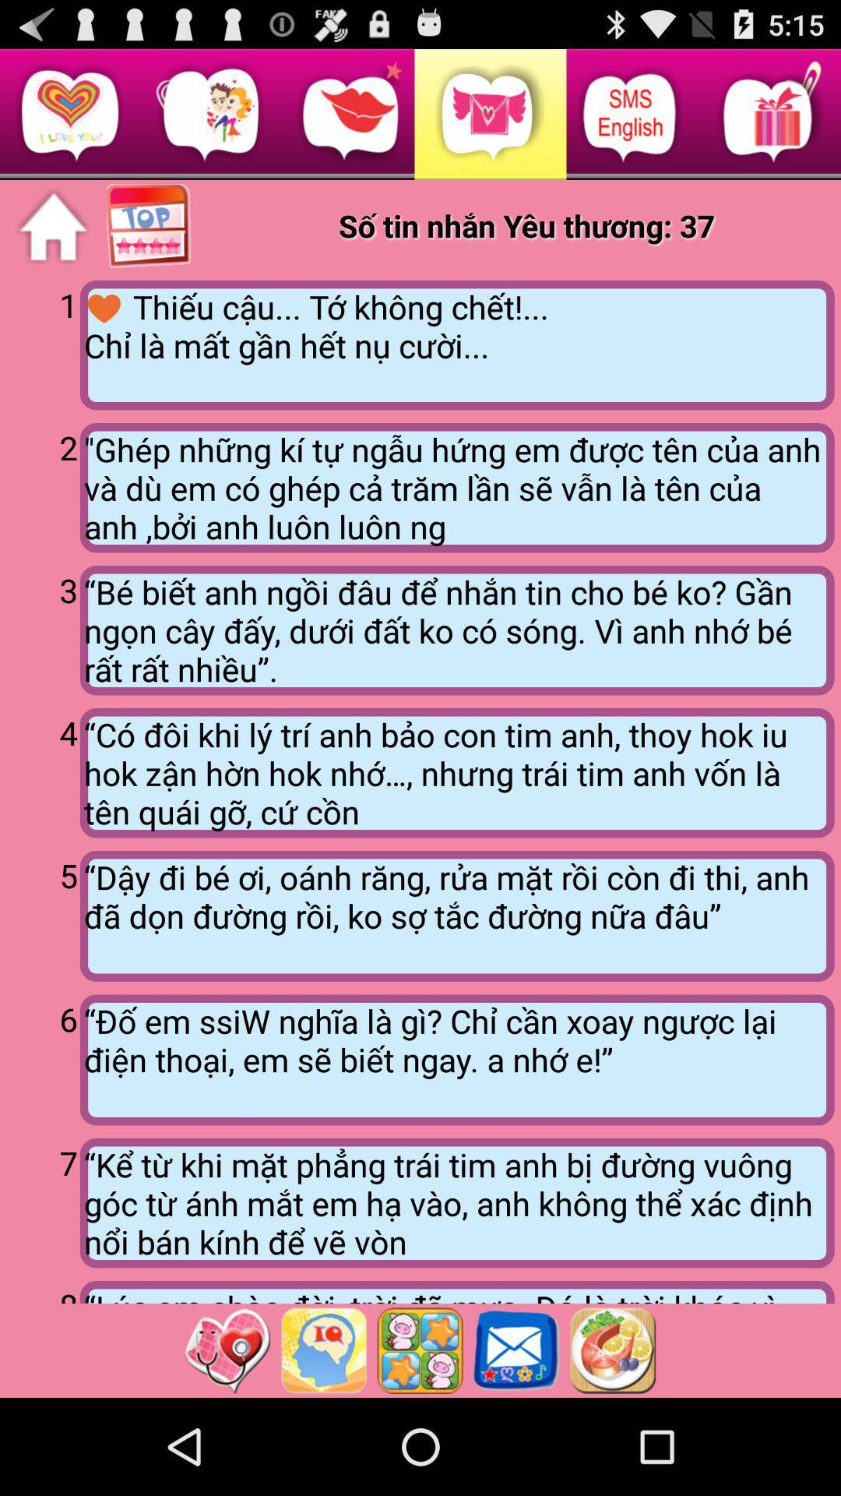 Image resolution: width=841 pixels, height=1496 pixels. I want to click on app to the right of the 1, so click(456, 344).